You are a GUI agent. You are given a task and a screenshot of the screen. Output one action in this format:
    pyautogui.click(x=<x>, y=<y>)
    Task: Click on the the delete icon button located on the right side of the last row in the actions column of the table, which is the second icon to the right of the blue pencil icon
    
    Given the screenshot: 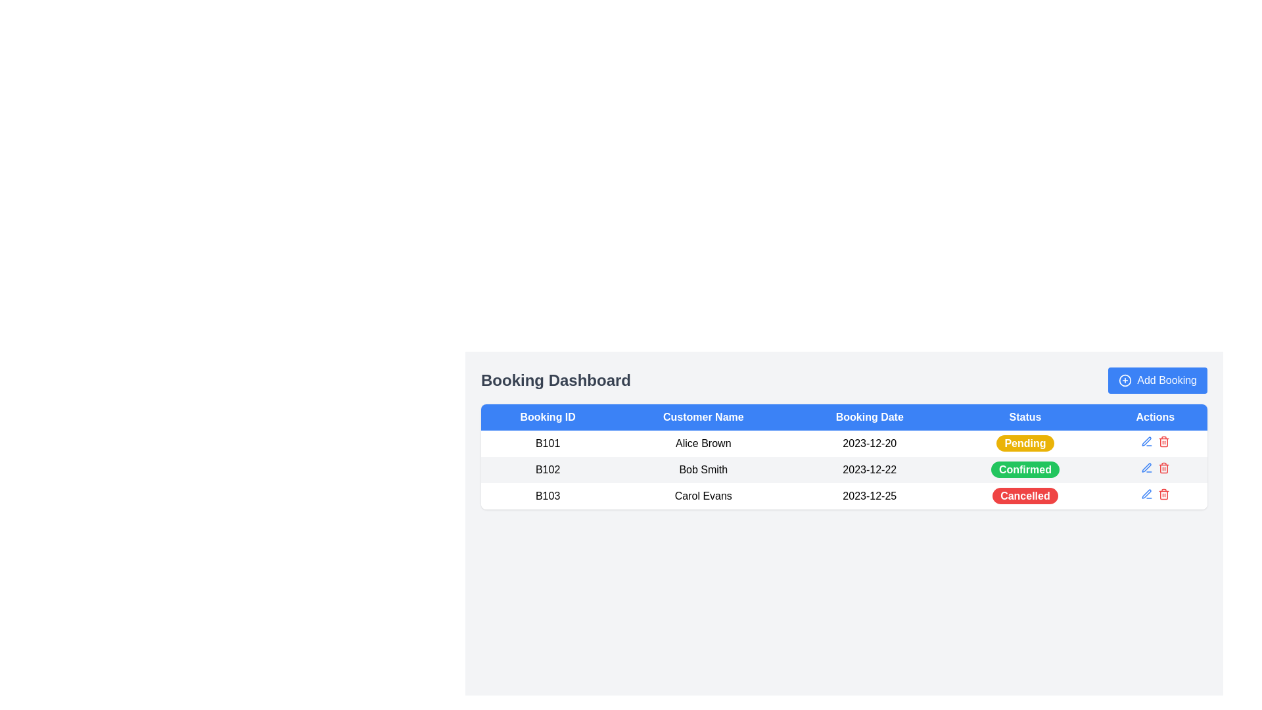 What is the action you would take?
    pyautogui.click(x=1163, y=494)
    